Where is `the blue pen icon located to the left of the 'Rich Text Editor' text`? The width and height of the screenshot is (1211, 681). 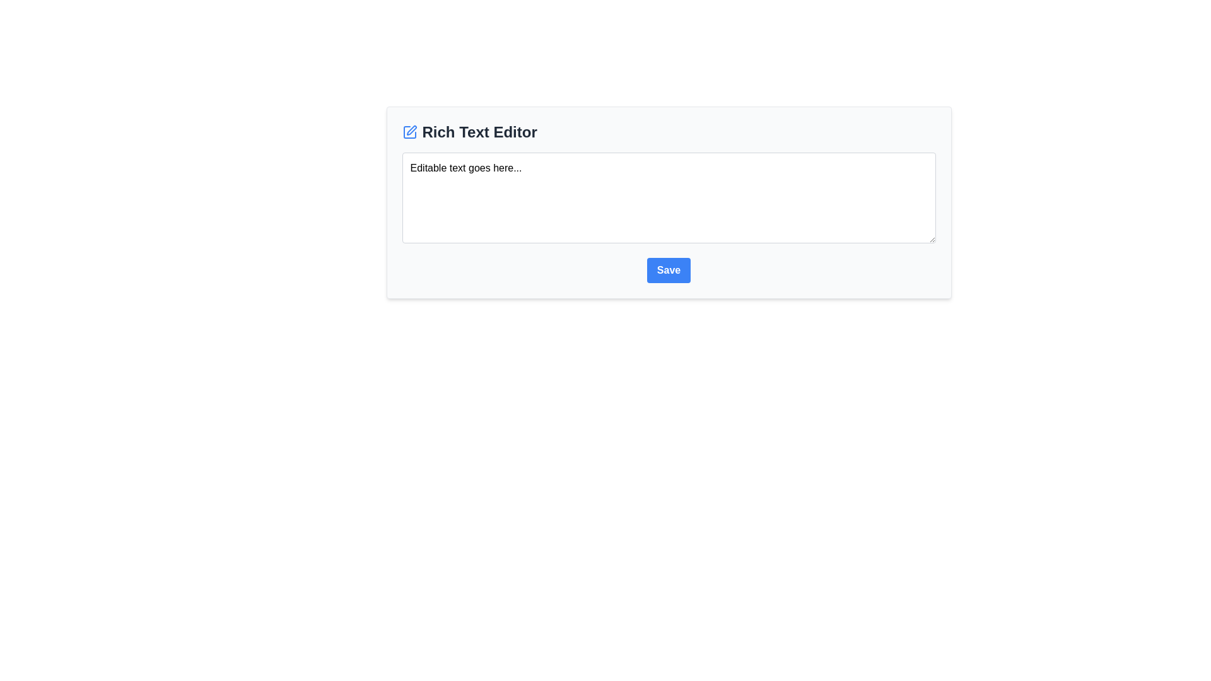
the blue pen icon located to the left of the 'Rich Text Editor' text is located at coordinates (409, 132).